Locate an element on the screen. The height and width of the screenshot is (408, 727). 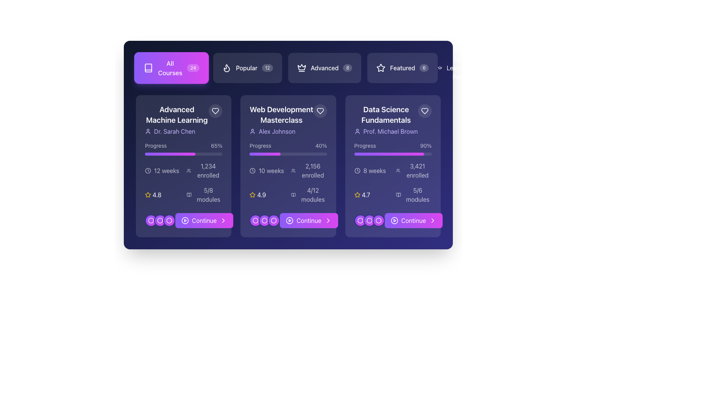
progress completion is located at coordinates (193, 154).